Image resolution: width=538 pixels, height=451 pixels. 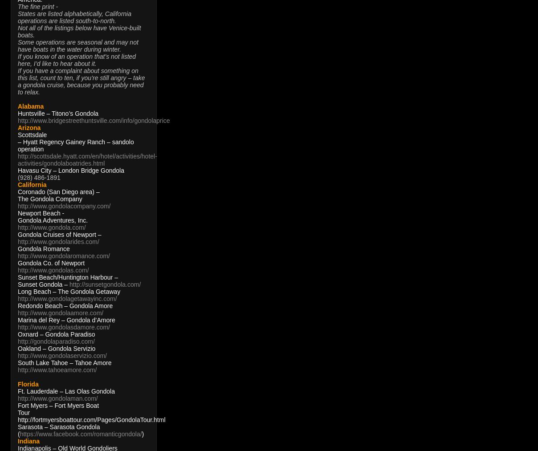 What do you see at coordinates (56, 349) in the screenshot?
I see `'Oakland – Gondola Servizio'` at bounding box center [56, 349].